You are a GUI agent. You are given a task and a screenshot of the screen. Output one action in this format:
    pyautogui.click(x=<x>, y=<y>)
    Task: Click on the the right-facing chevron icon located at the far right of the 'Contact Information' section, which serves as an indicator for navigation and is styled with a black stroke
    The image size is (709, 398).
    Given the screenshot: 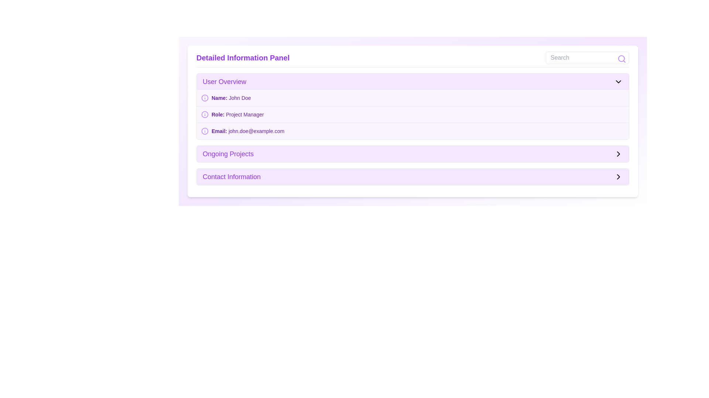 What is the action you would take?
    pyautogui.click(x=619, y=177)
    